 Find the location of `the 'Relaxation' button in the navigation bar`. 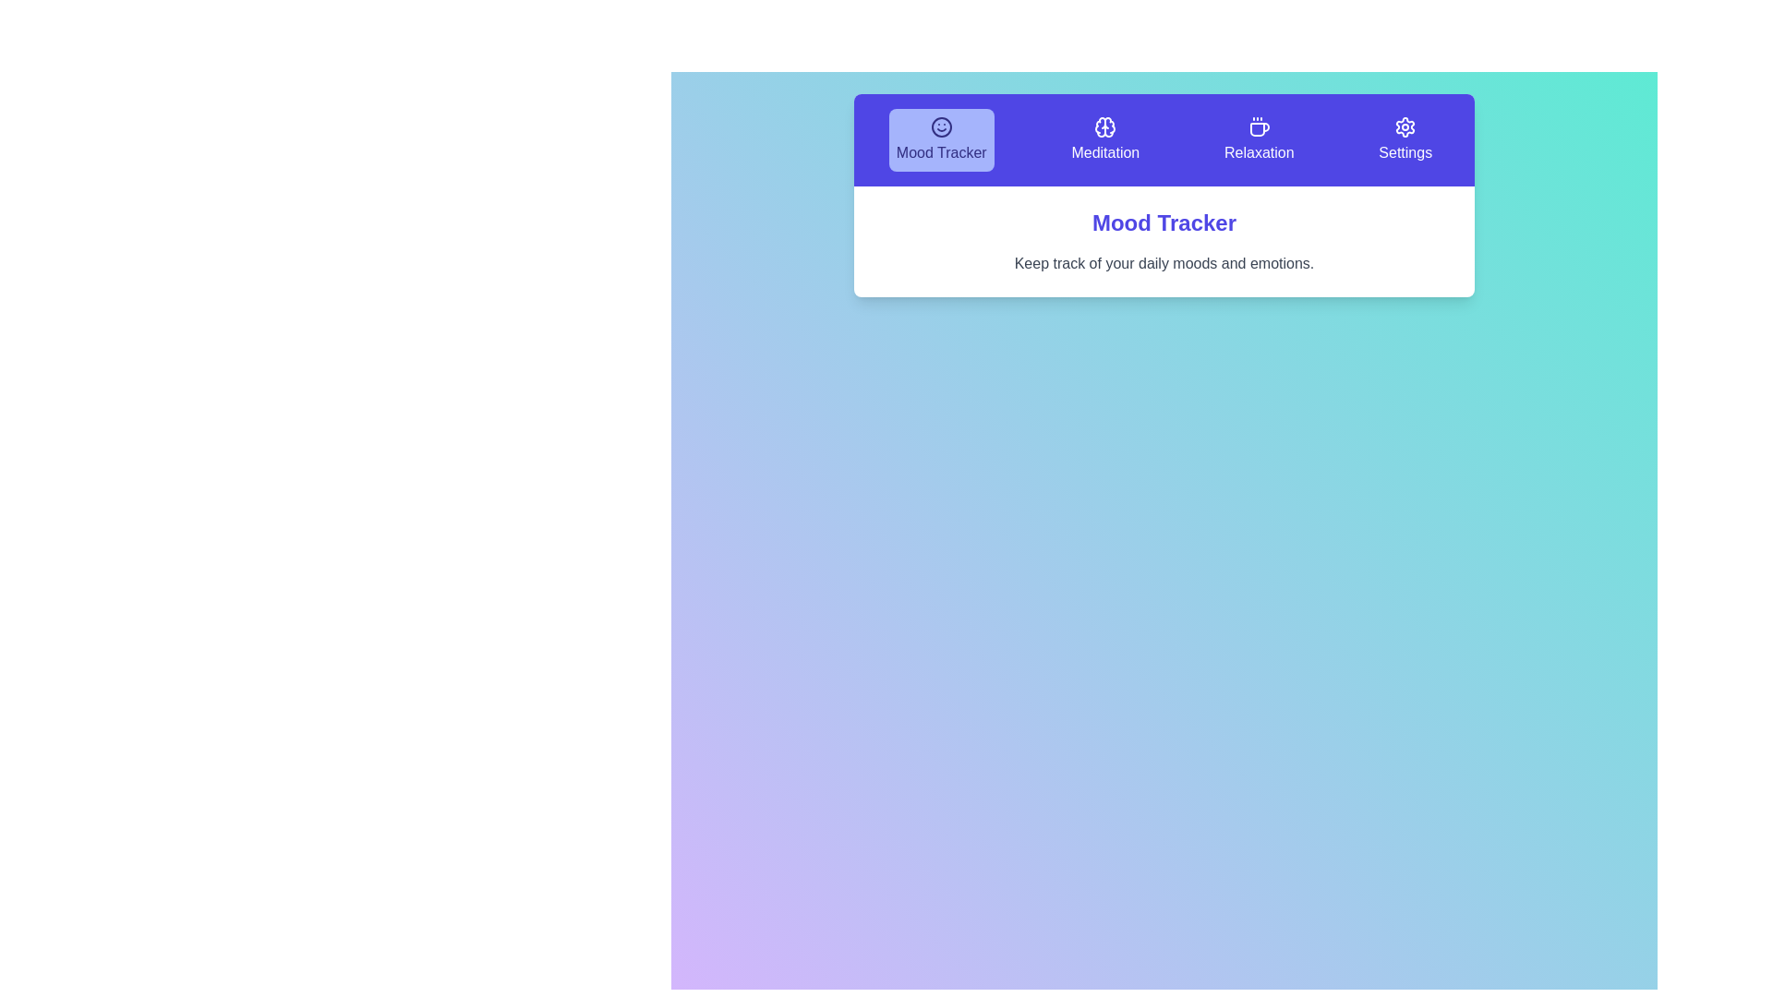

the 'Relaxation' button in the navigation bar is located at coordinates (1258, 138).